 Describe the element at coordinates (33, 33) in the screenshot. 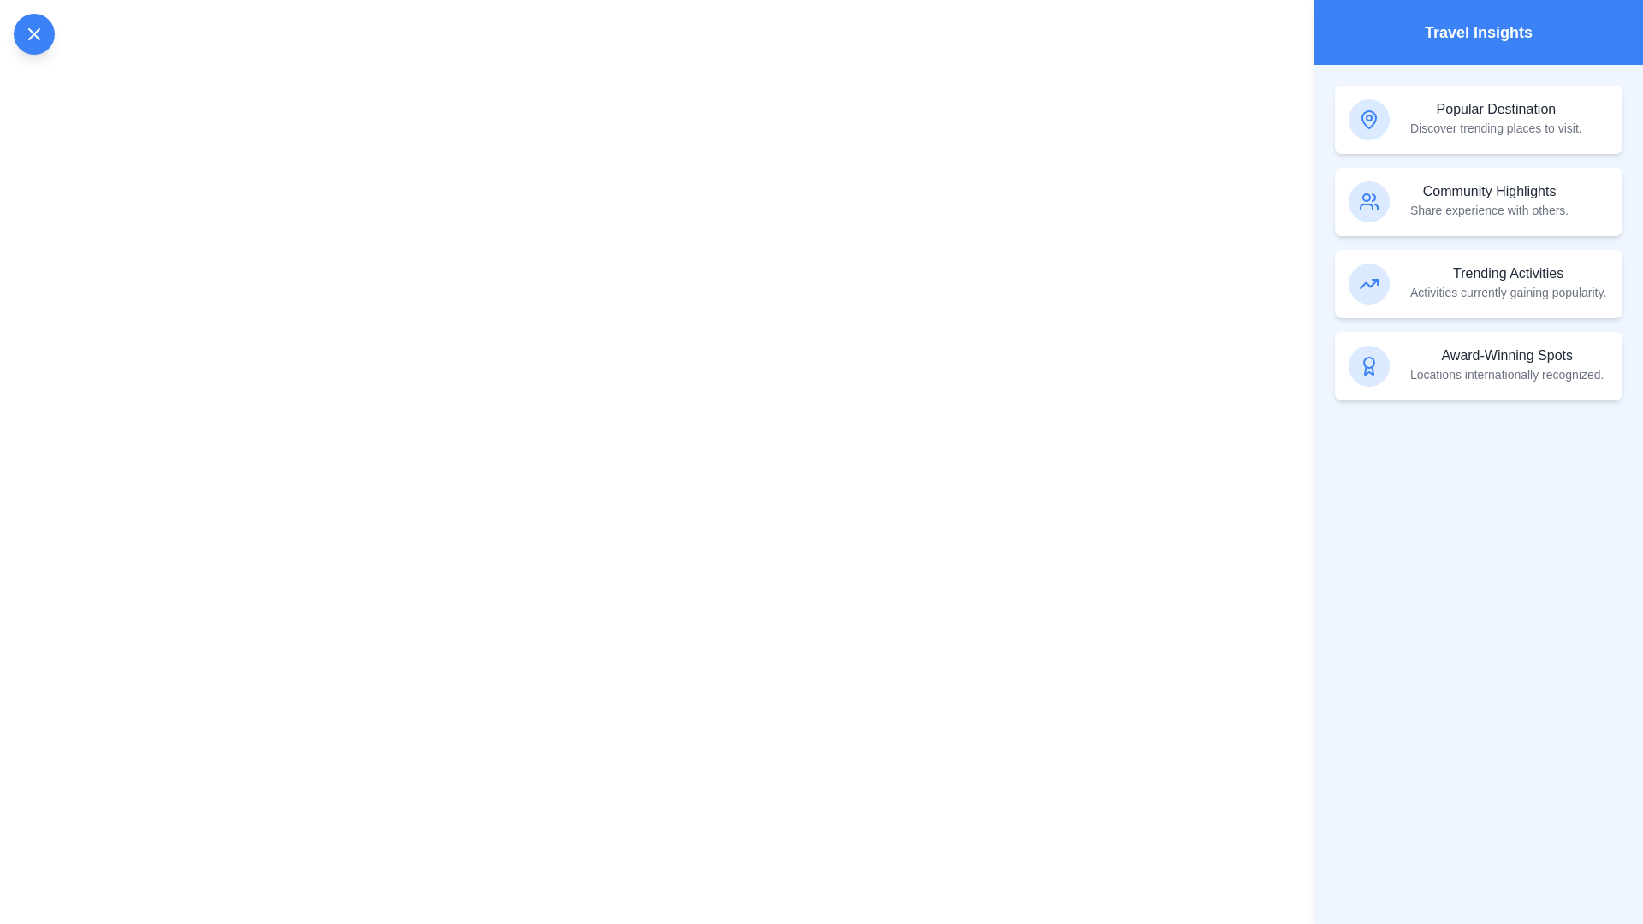

I see `button with the X icon to toggle the drawer` at that location.